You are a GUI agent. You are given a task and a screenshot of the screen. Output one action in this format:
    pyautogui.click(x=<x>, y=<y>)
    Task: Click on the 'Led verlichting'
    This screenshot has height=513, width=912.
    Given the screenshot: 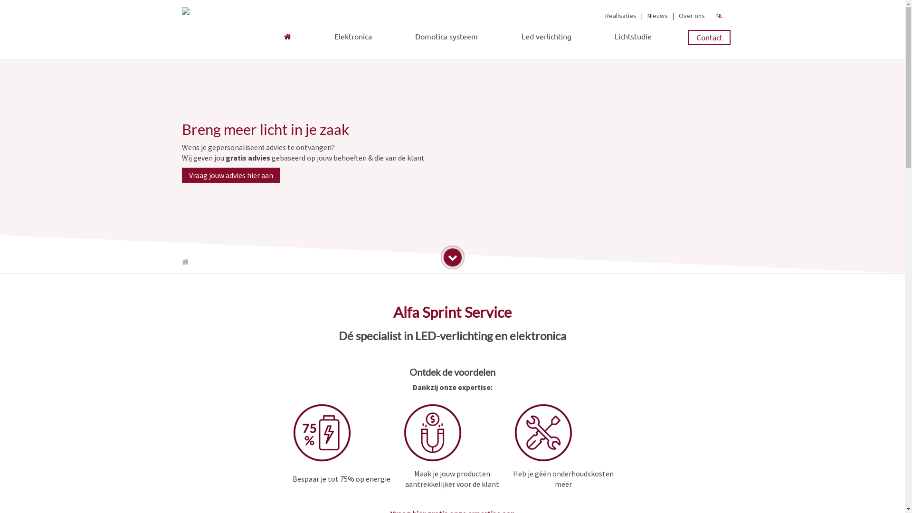 What is the action you would take?
    pyautogui.click(x=514, y=34)
    